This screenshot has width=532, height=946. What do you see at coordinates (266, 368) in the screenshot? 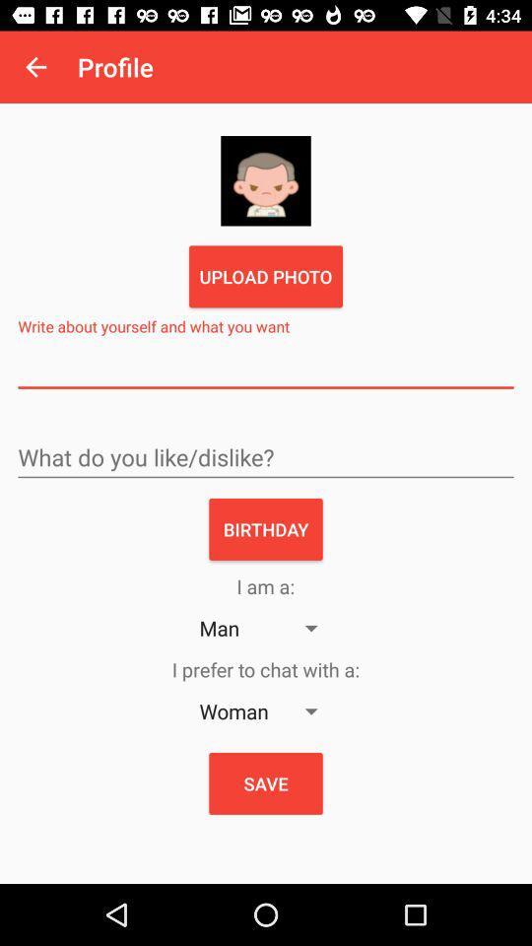
I see `to enter text` at bounding box center [266, 368].